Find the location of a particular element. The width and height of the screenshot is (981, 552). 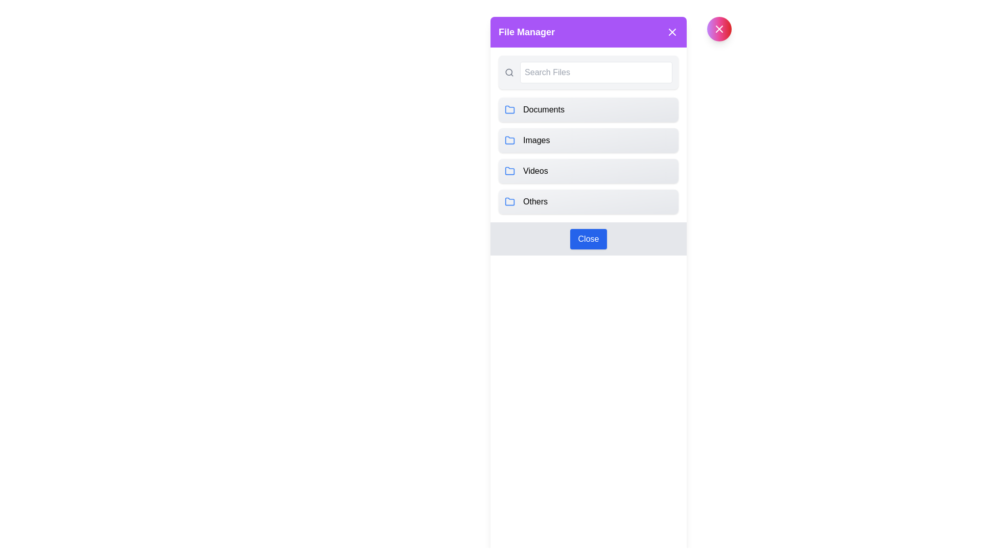

the category selector button for image-related files in the file manager interface, located below 'Documents' and above 'Videos' is located at coordinates (589, 140).